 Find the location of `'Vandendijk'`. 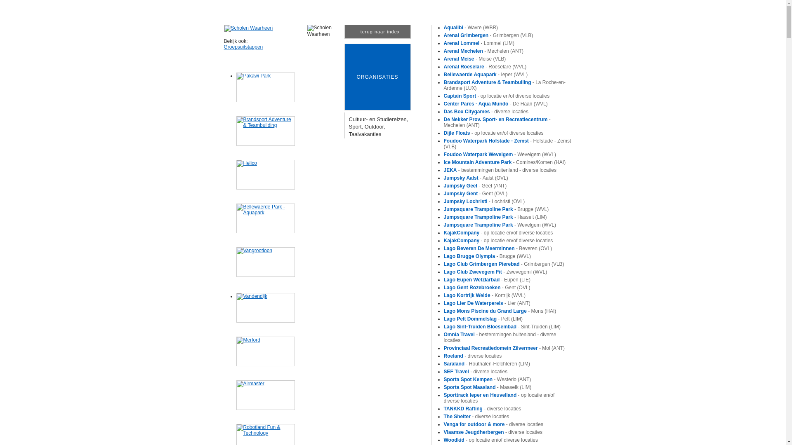

'Vandendijk' is located at coordinates (265, 308).